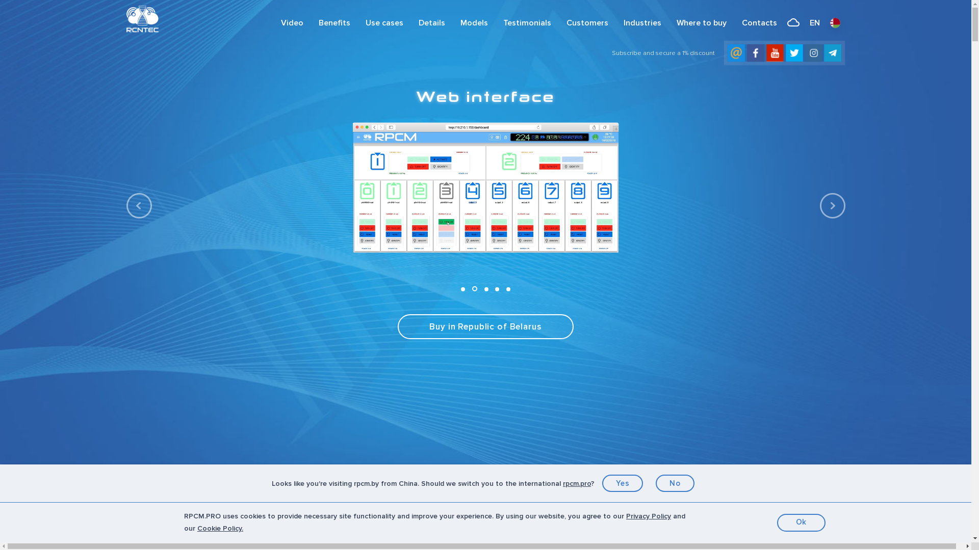  I want to click on 'Video', so click(291, 23).